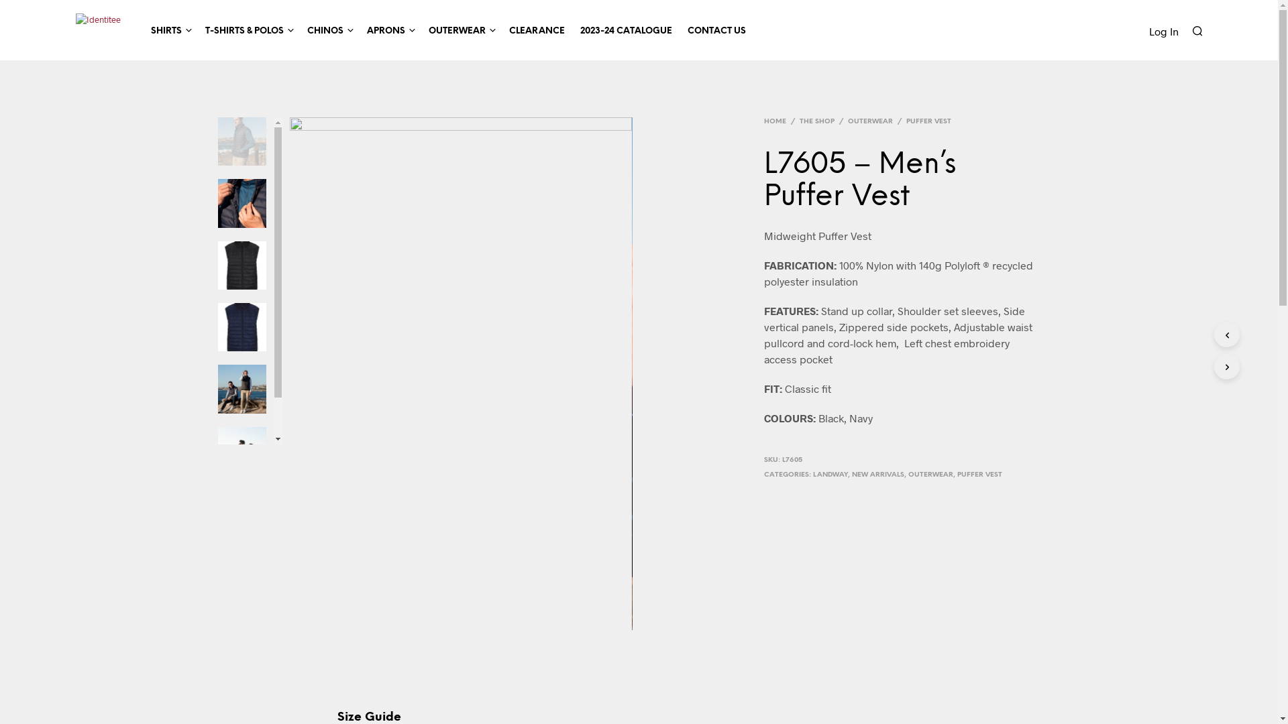 The width and height of the screenshot is (1288, 724). Describe the element at coordinates (456, 30) in the screenshot. I see `'OUTERWEAR'` at that location.